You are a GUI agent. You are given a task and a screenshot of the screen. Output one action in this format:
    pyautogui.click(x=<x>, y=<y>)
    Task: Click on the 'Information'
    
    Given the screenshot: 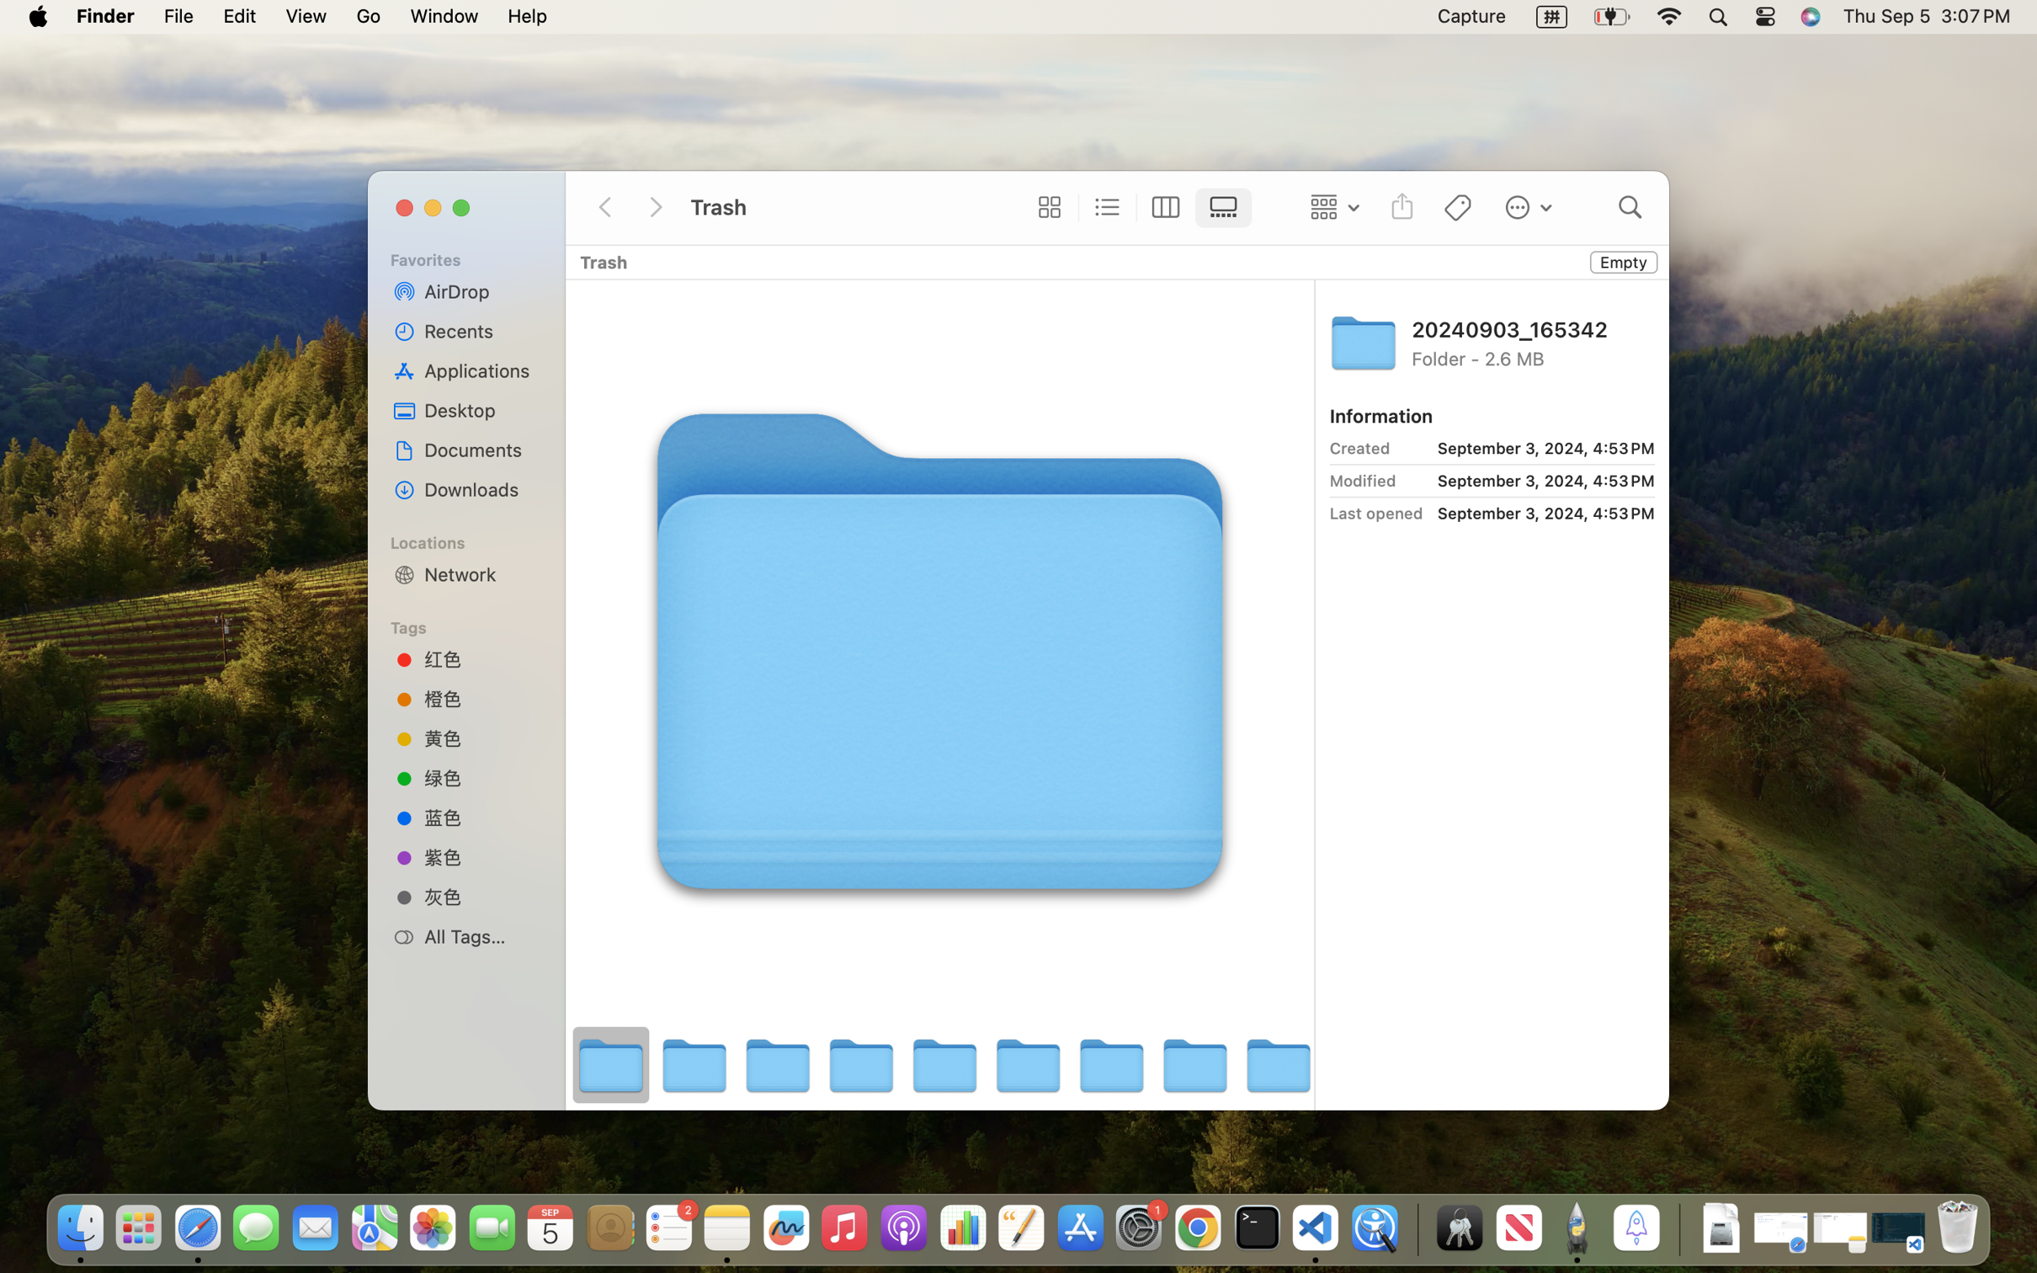 What is the action you would take?
    pyautogui.click(x=1380, y=416)
    